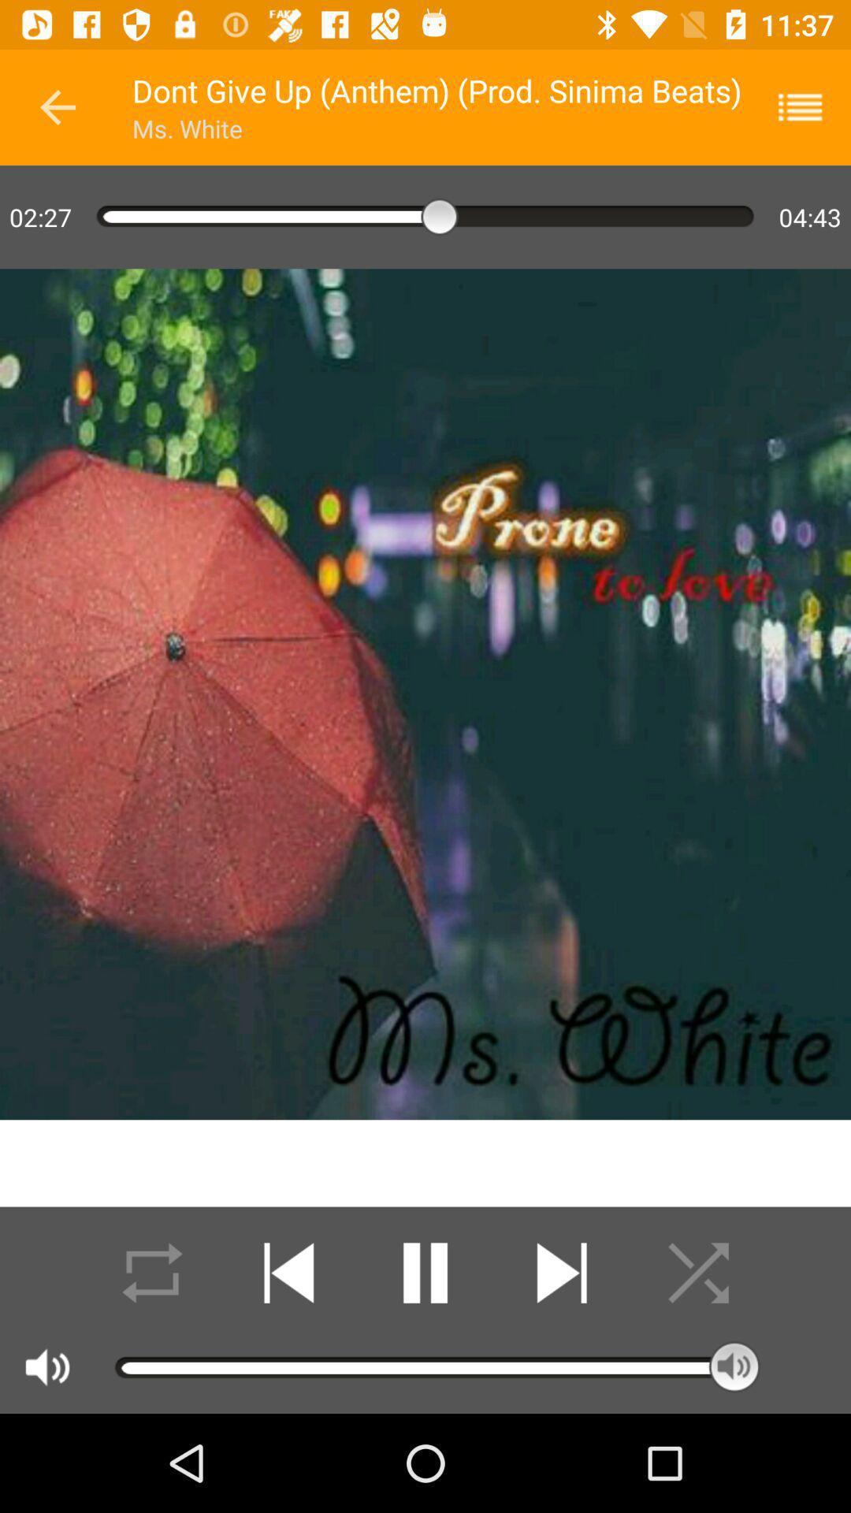 This screenshot has width=851, height=1513. I want to click on fast forward, so click(561, 1273).